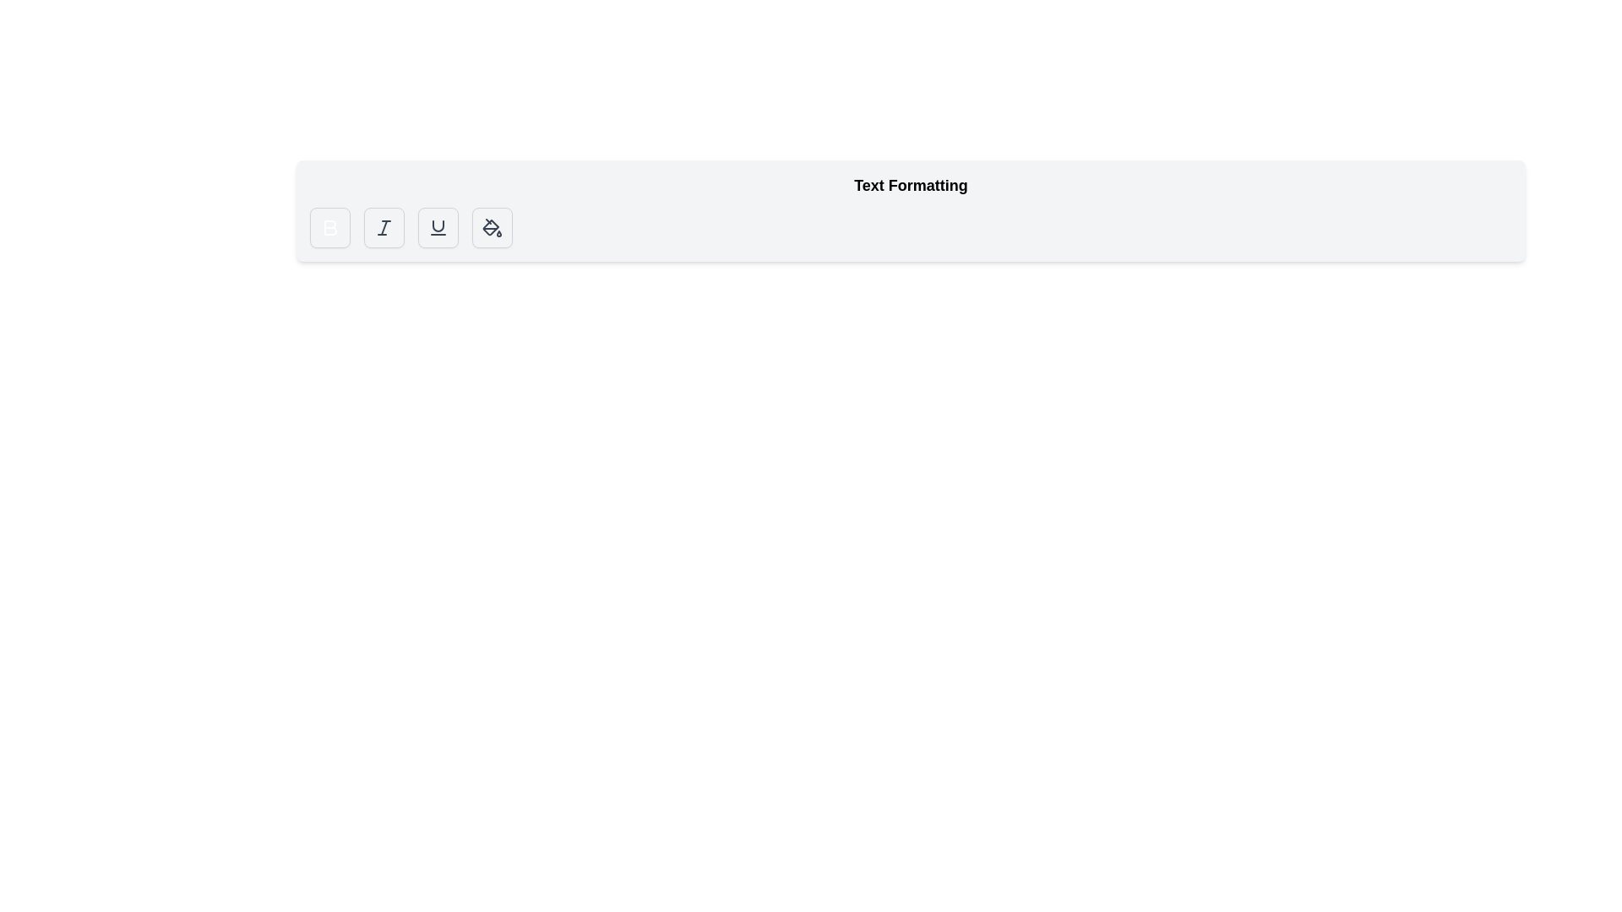 The image size is (1622, 912). Describe the element at coordinates (329, 228) in the screenshot. I see `the bold text formatting button located on the left side of the toolbar's button group by` at that location.